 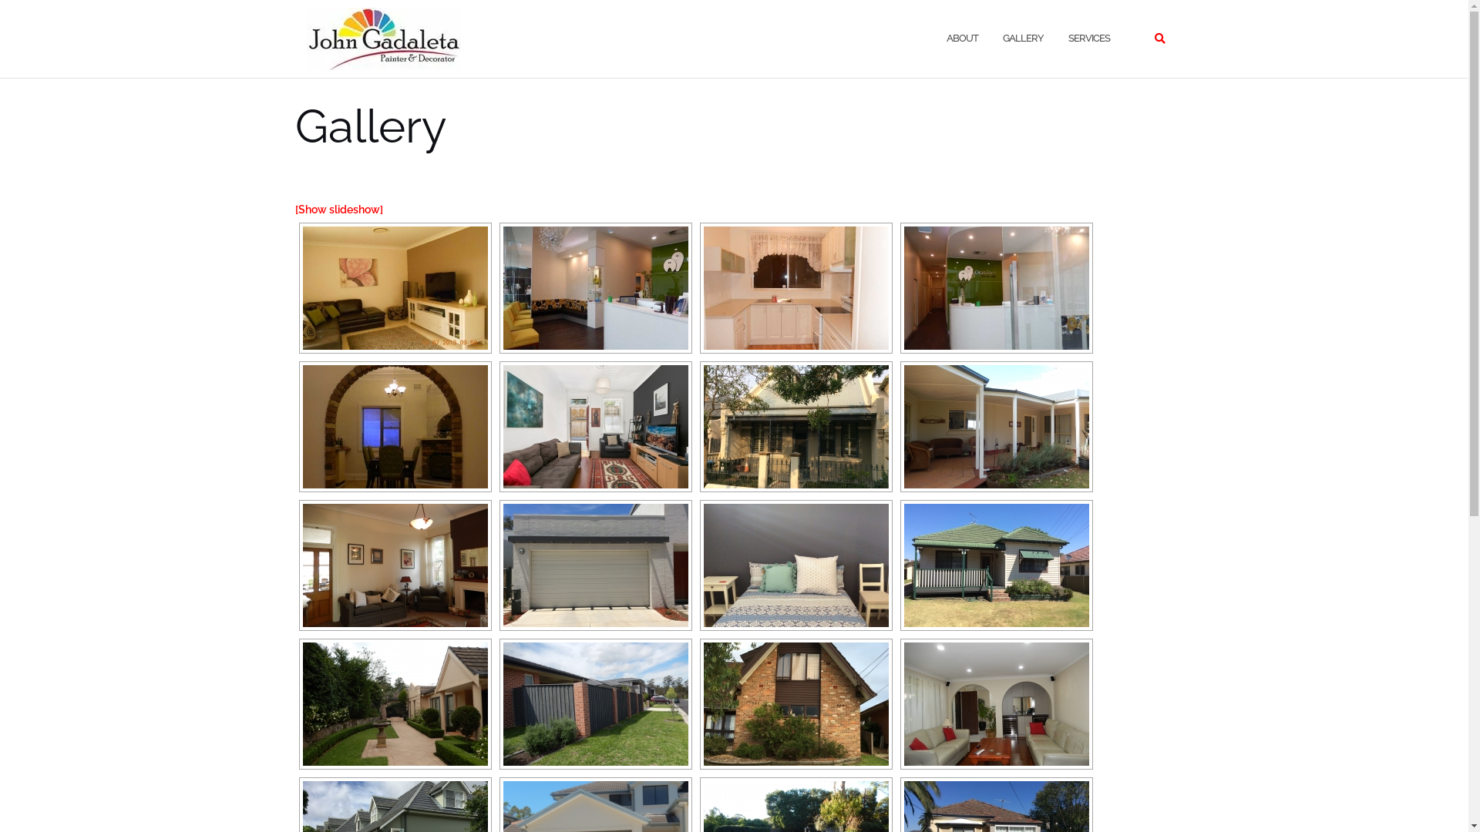 What do you see at coordinates (337, 210) in the screenshot?
I see `'[Show slideshow]'` at bounding box center [337, 210].